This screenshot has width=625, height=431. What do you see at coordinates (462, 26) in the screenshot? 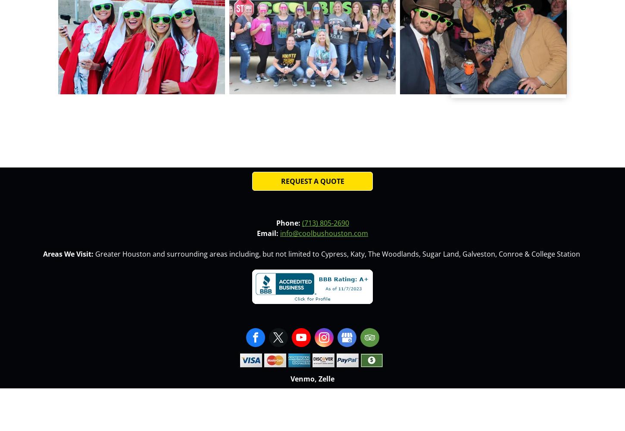
I see `'Let's Talk!'` at bounding box center [462, 26].